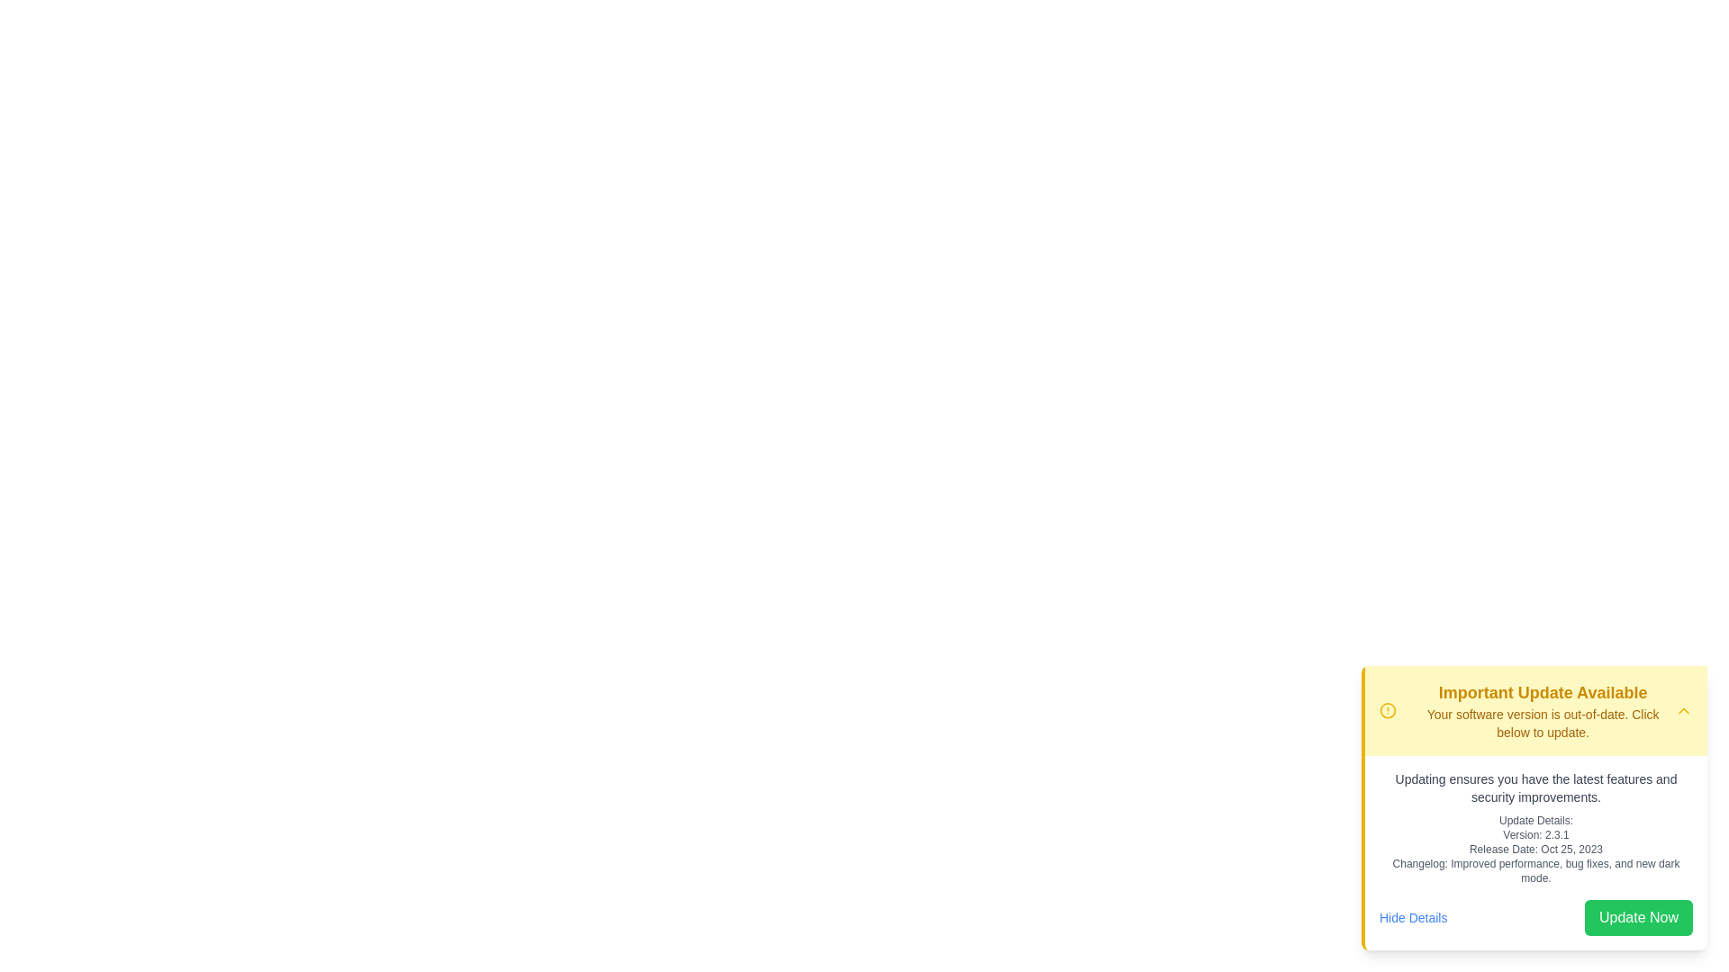 The width and height of the screenshot is (1729, 972). Describe the element at coordinates (1387, 710) in the screenshot. I see `the circular boundary of the yellow warning icon located in the lower-right corner of the dialog box` at that location.